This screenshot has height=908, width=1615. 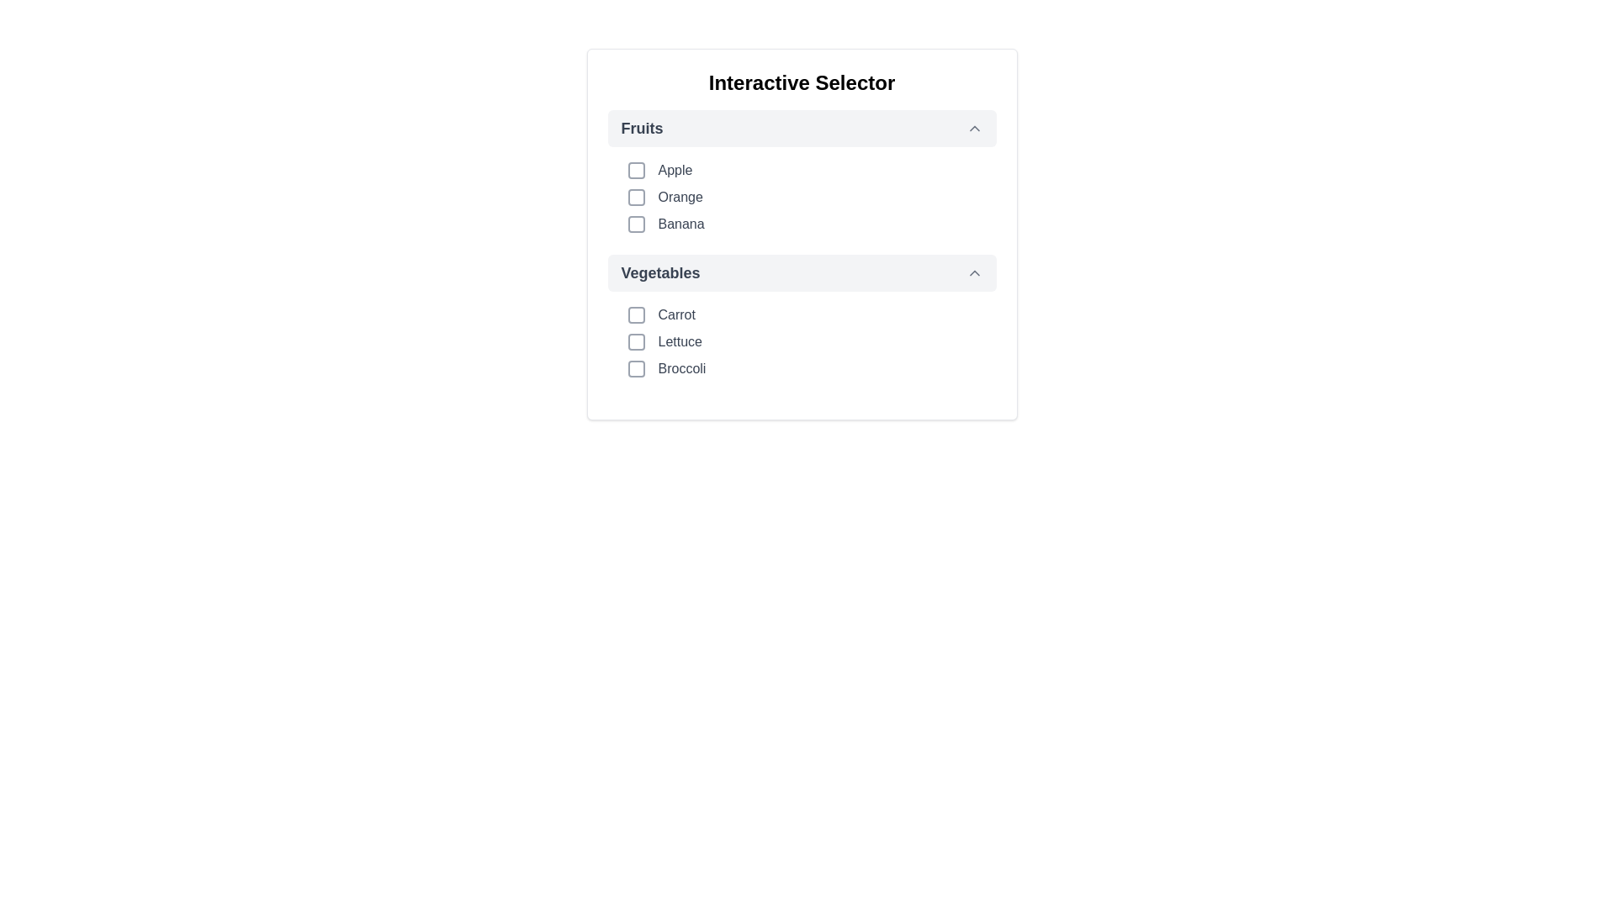 What do you see at coordinates (635, 341) in the screenshot?
I see `the checkbox` at bounding box center [635, 341].